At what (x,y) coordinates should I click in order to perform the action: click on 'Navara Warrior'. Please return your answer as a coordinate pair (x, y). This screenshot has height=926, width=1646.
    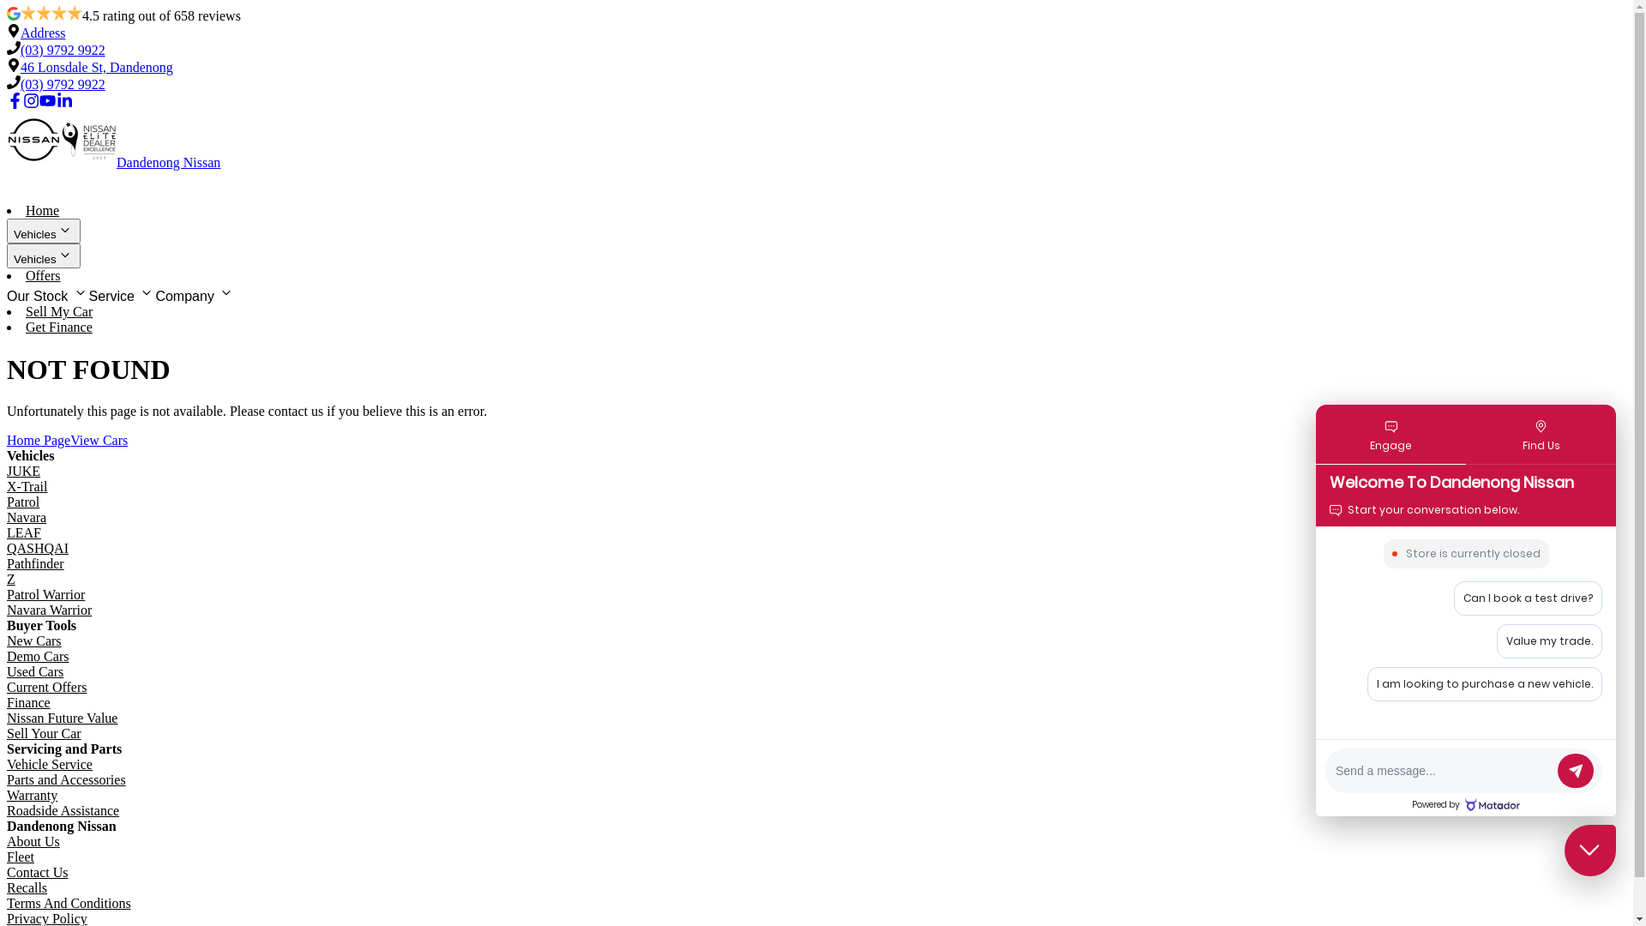
    Looking at the image, I should click on (49, 609).